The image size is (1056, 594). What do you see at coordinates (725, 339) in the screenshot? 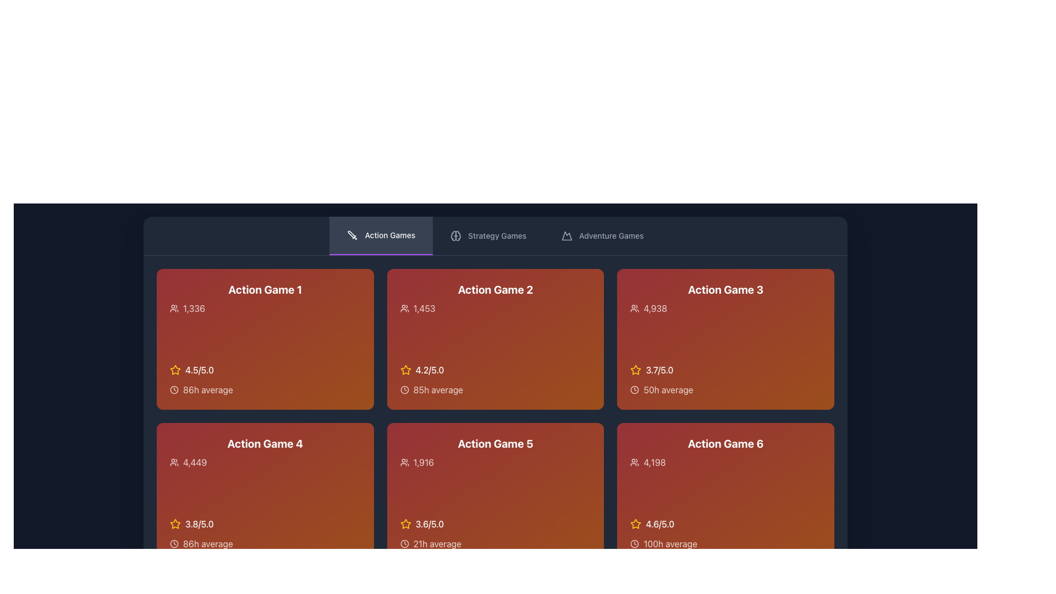
I see `the Information Card displaying details about a game, which is the third card in the top row of the grid layout, positioned to the right of 'Action Game 2' and above 'Action Game 6'` at bounding box center [725, 339].